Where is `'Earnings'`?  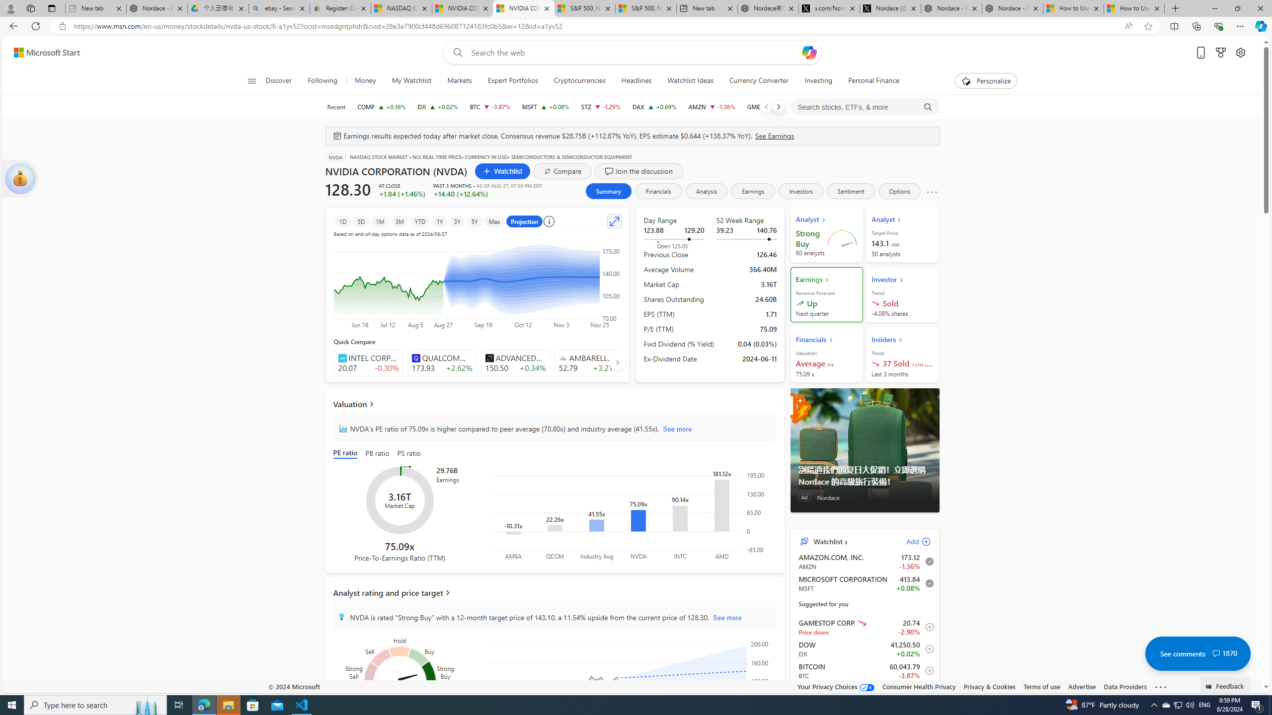
'Earnings' is located at coordinates (753, 190).